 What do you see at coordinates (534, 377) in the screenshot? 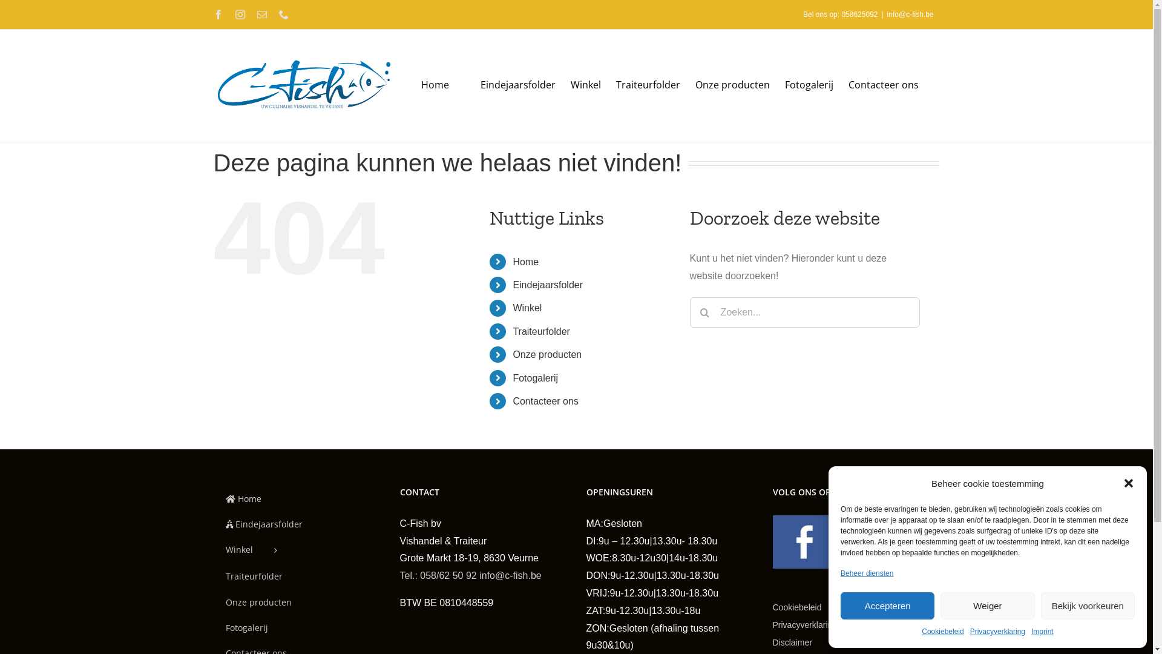
I see `'Fotogalerij'` at bounding box center [534, 377].